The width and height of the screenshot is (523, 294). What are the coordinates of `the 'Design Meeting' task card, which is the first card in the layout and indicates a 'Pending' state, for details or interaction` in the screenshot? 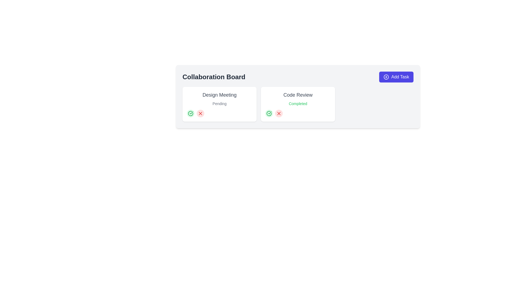 It's located at (220, 104).